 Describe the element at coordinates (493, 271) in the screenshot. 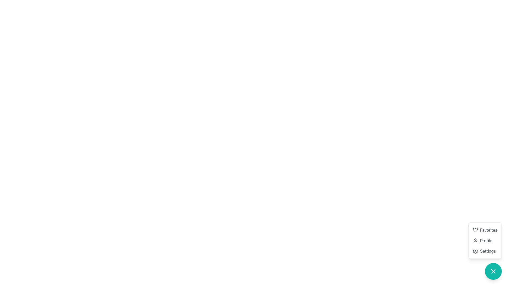

I see `the close icon, which is part of a circular button represented by a teal color, located at the bottom right corner of the button` at that location.